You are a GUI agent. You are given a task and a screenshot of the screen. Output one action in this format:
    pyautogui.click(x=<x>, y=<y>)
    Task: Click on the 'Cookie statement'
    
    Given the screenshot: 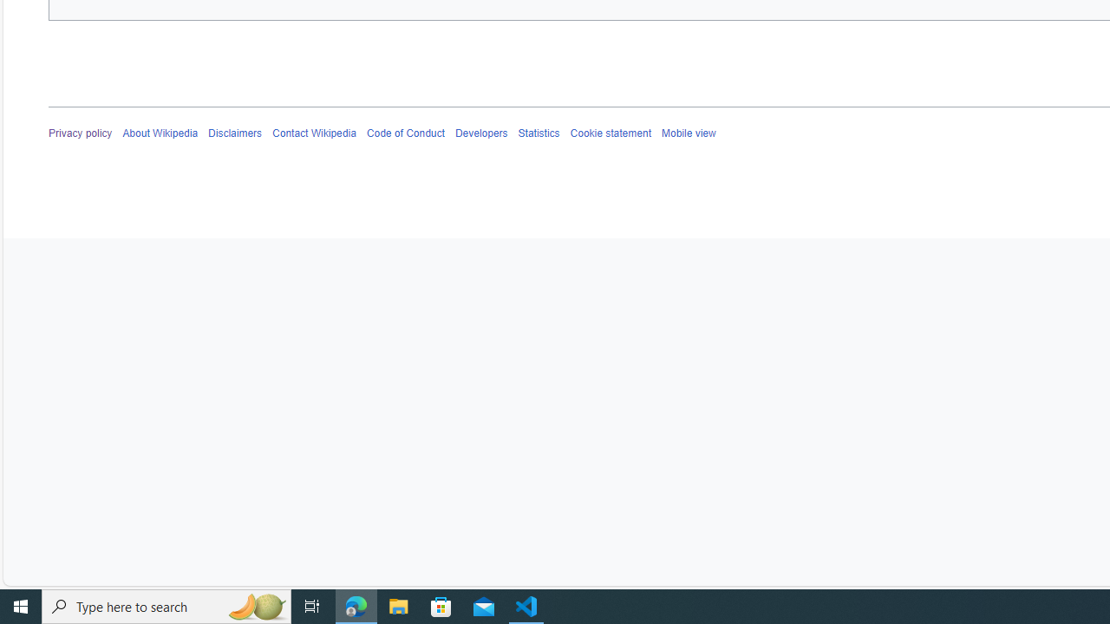 What is the action you would take?
    pyautogui.click(x=610, y=133)
    